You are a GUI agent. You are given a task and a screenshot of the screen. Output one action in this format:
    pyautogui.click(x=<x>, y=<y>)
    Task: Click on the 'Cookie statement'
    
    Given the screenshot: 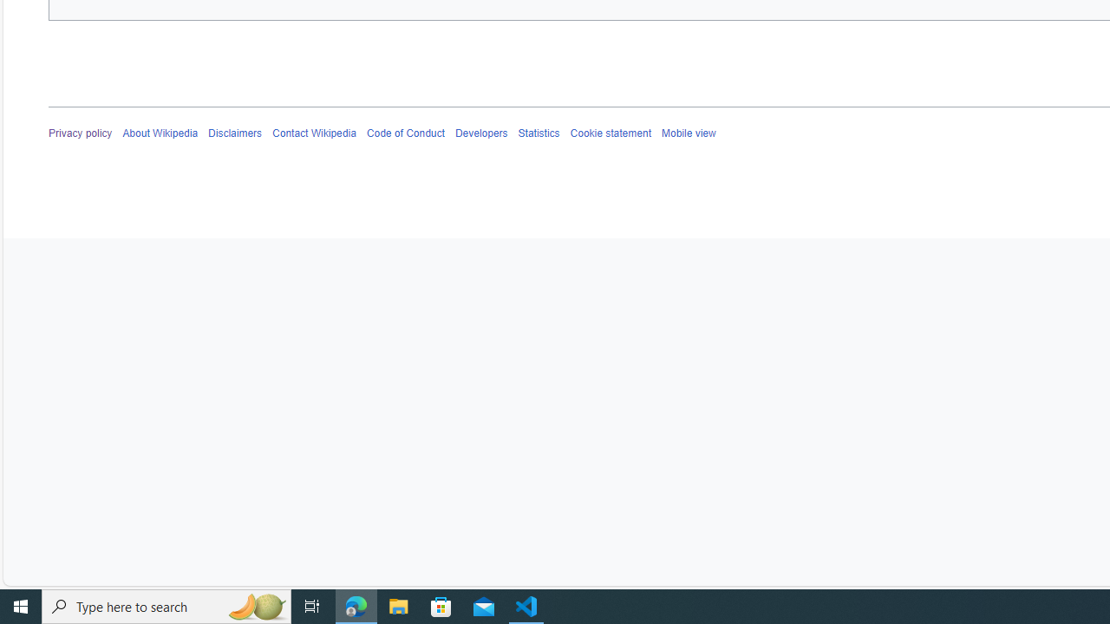 What is the action you would take?
    pyautogui.click(x=610, y=133)
    